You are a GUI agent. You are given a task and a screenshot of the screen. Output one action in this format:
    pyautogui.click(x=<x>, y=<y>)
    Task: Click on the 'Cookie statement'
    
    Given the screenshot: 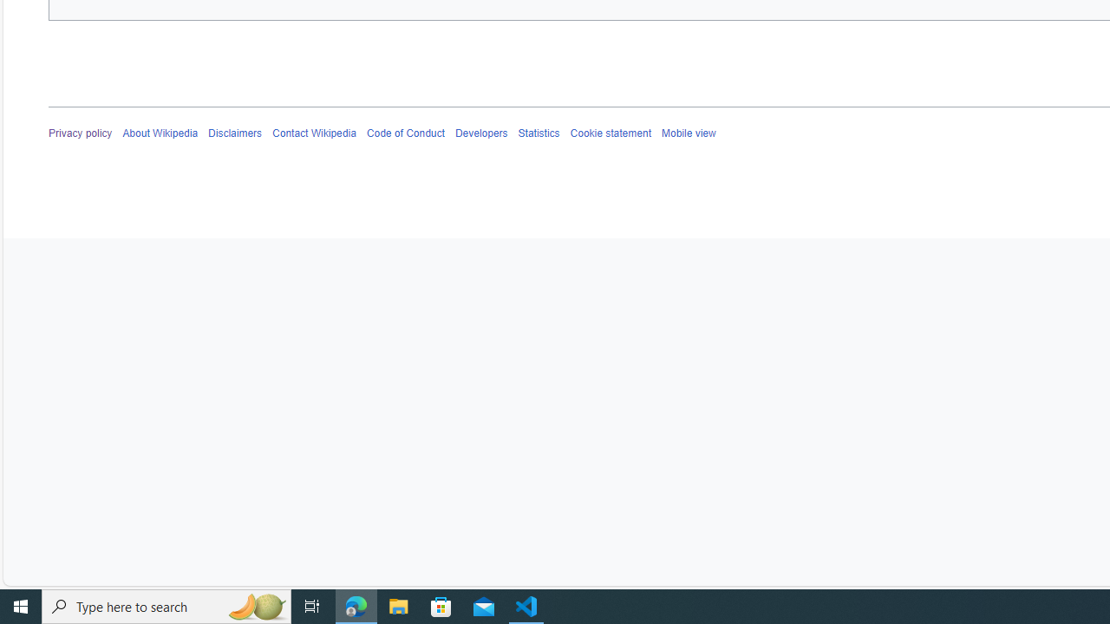 What is the action you would take?
    pyautogui.click(x=610, y=133)
    